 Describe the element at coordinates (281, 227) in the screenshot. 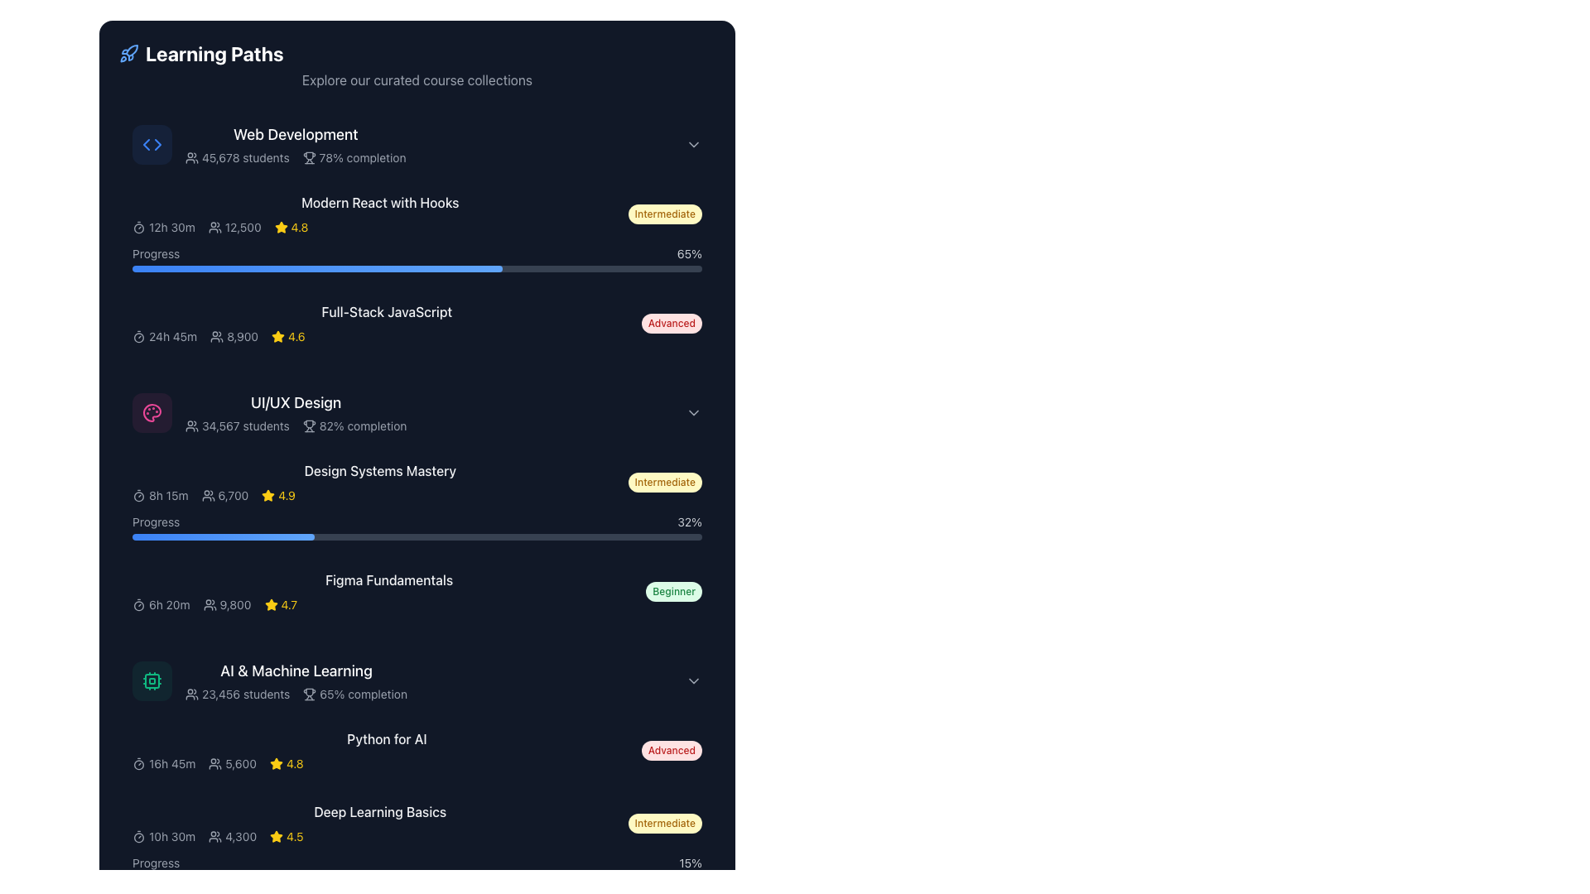

I see `the vibrant yellow star icon located to the left of the numeric rating '4.8' in the 'Modern React with Hooks' section` at that location.